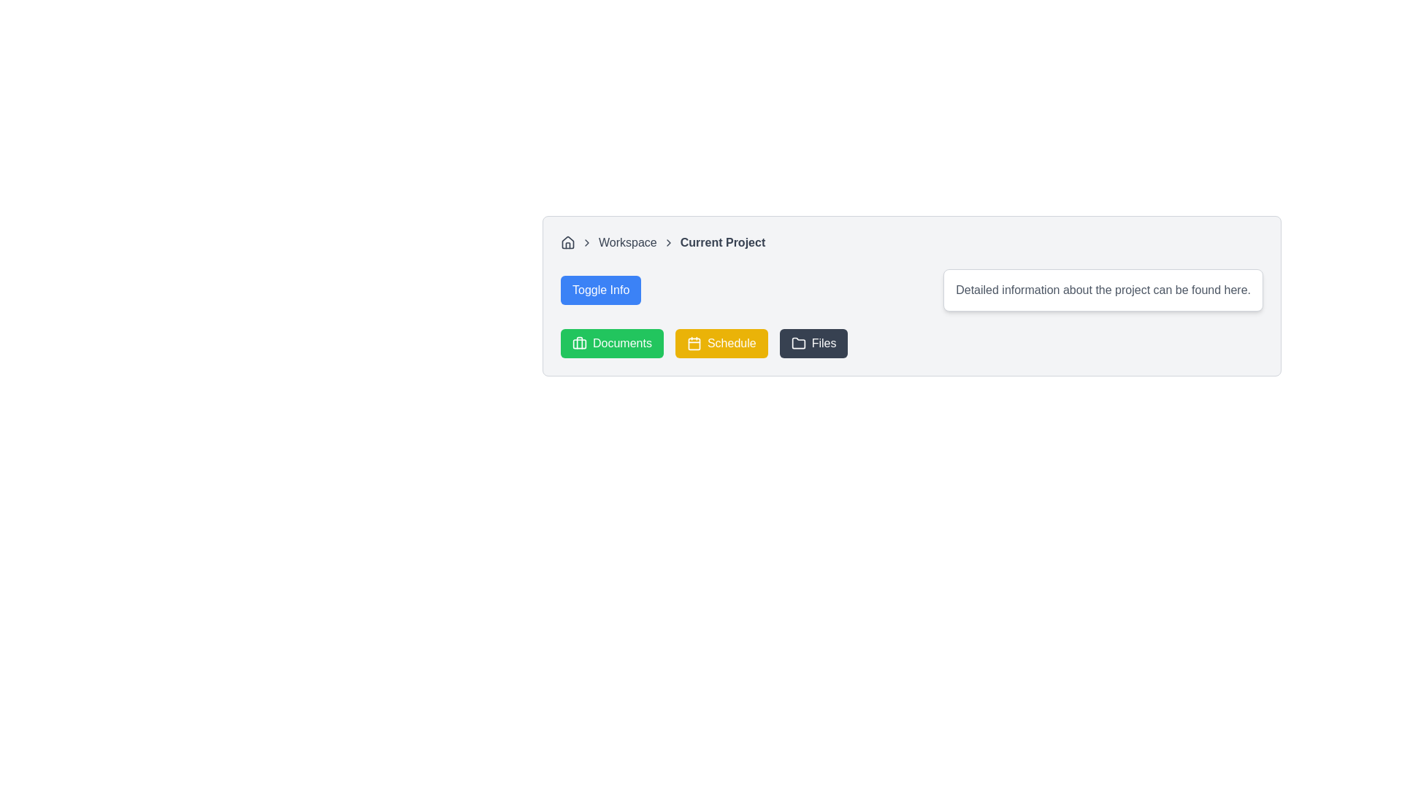 Image resolution: width=1402 pixels, height=788 pixels. Describe the element at coordinates (667, 242) in the screenshot. I see `the rightward-pointing chevron icon in the breadcrumb navigation bar, located between 'Workspace' and 'Current Project', to trigger a tooltip` at that location.